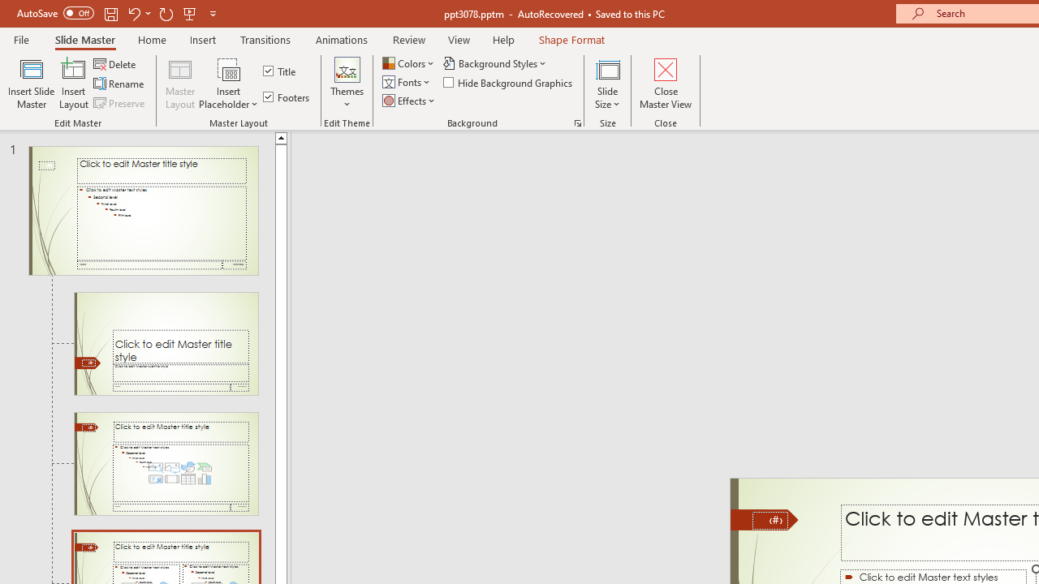 The image size is (1039, 584). Describe the element at coordinates (408, 82) in the screenshot. I see `'Fonts'` at that location.